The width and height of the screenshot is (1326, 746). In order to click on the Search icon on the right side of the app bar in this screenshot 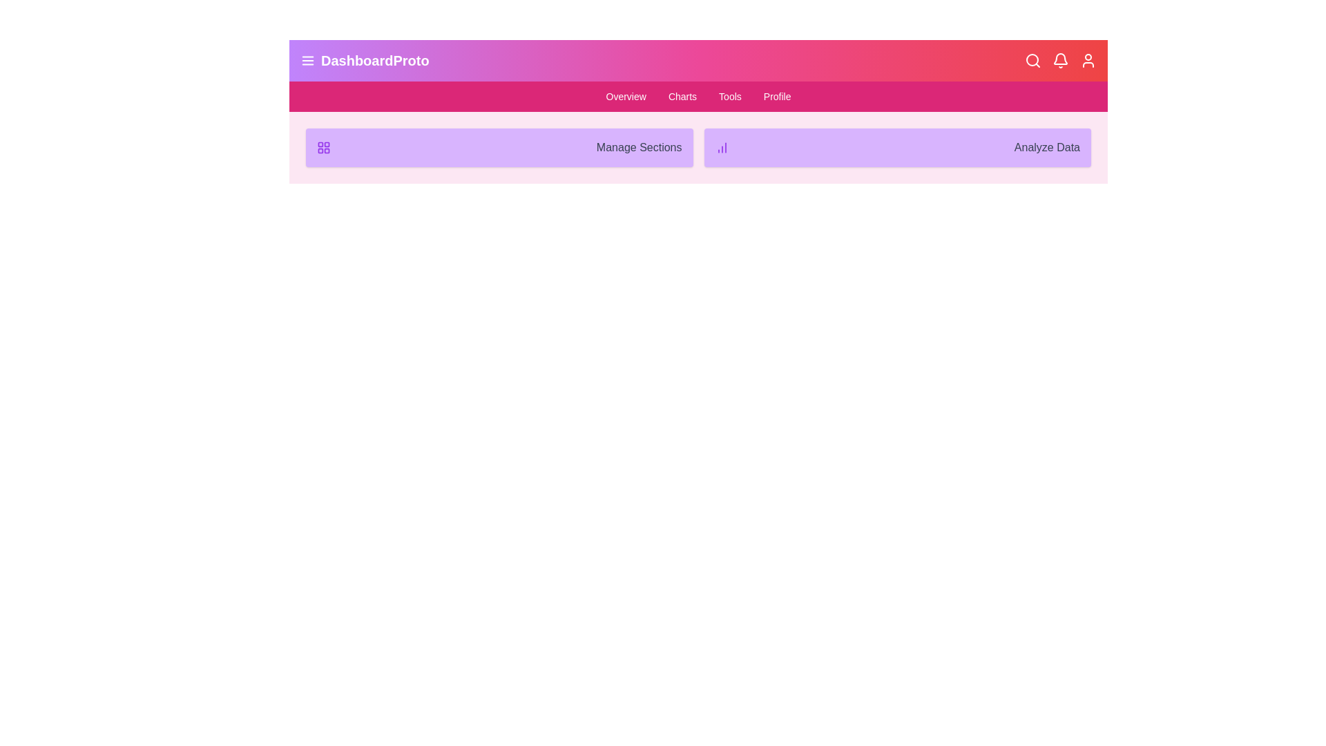, I will do `click(1033, 60)`.